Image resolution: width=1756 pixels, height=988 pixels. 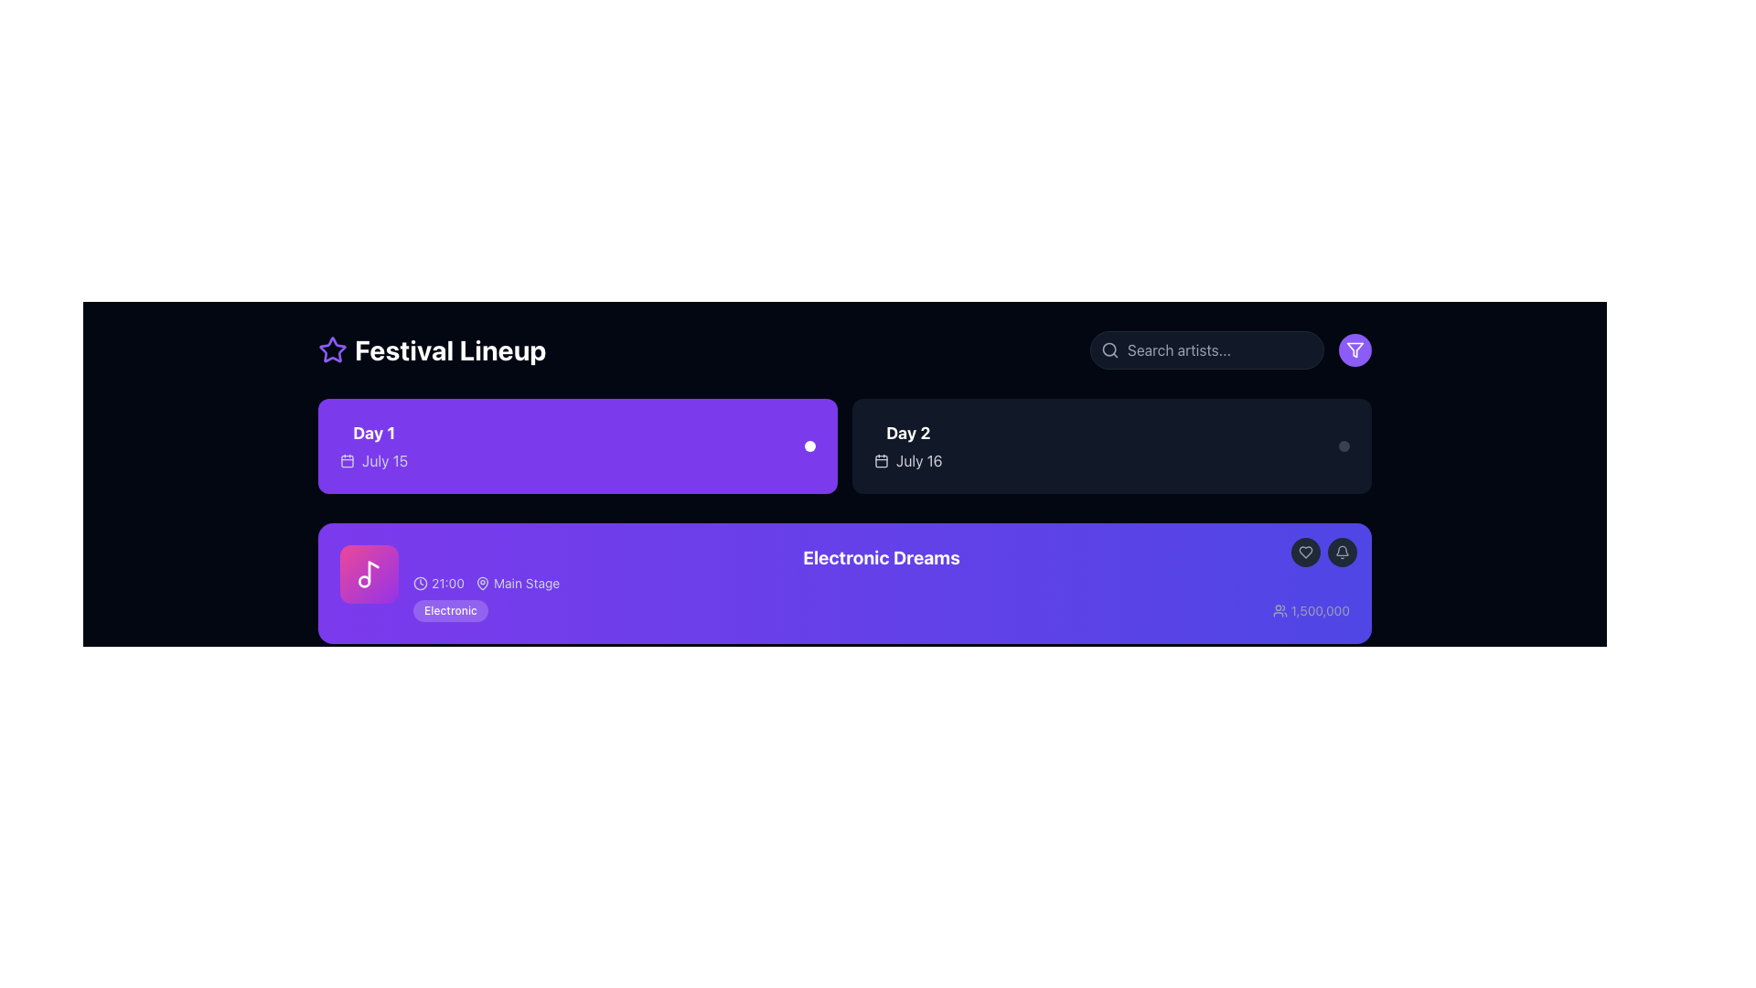 I want to click on the date label associated with the 'Day 2' entry, which is positioned below the primary title 'Day 2' and aligned with the calendar icon on its left, so click(x=908, y=460).